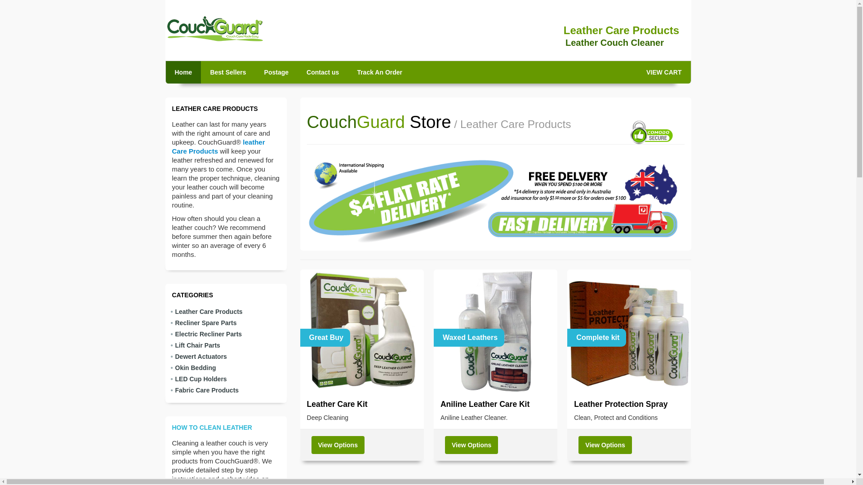 This screenshot has height=485, width=863. What do you see at coordinates (182, 72) in the screenshot?
I see `'Home'` at bounding box center [182, 72].